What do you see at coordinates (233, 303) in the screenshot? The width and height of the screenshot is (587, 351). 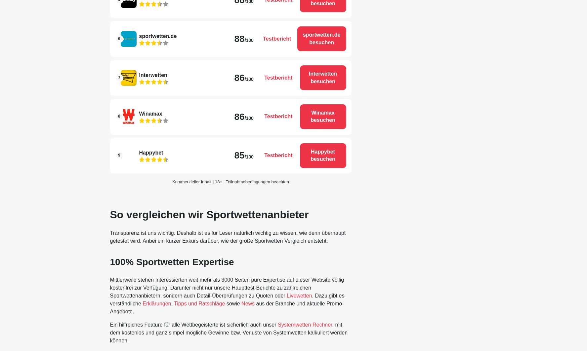 I see `'sowie'` at bounding box center [233, 303].